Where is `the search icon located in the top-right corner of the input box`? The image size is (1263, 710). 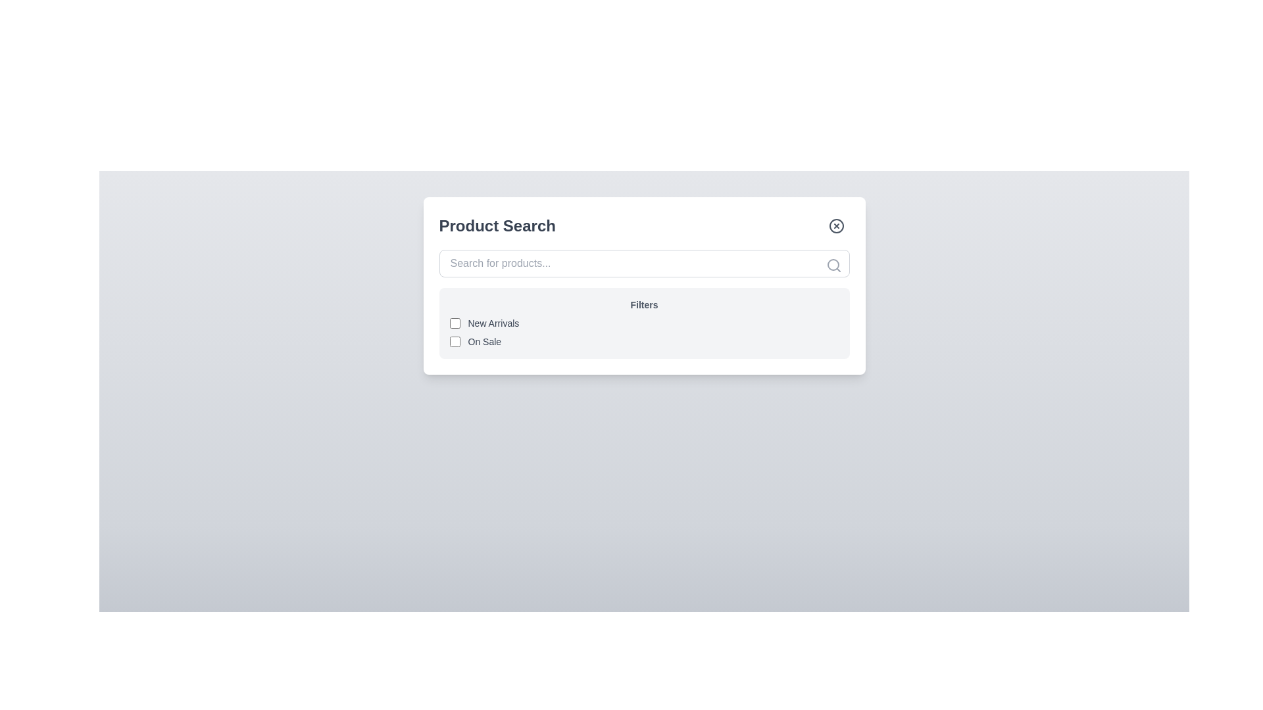 the search icon located in the top-right corner of the input box is located at coordinates (833, 266).